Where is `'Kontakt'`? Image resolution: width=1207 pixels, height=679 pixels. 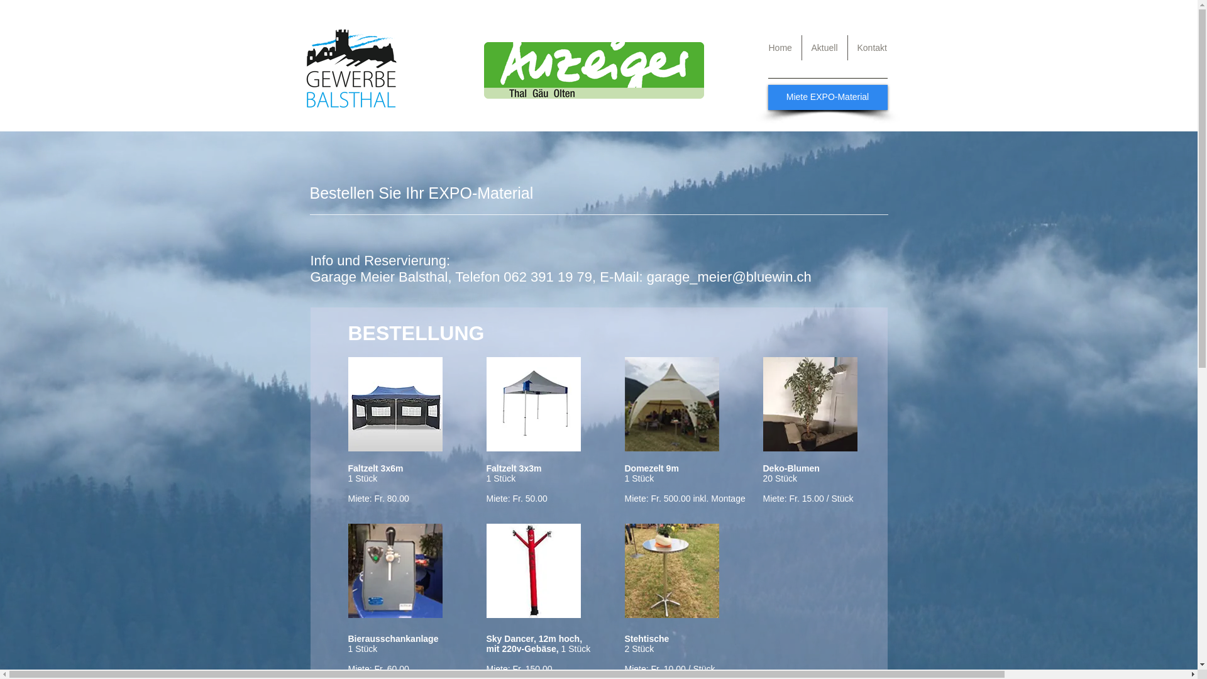 'Kontakt' is located at coordinates (871, 47).